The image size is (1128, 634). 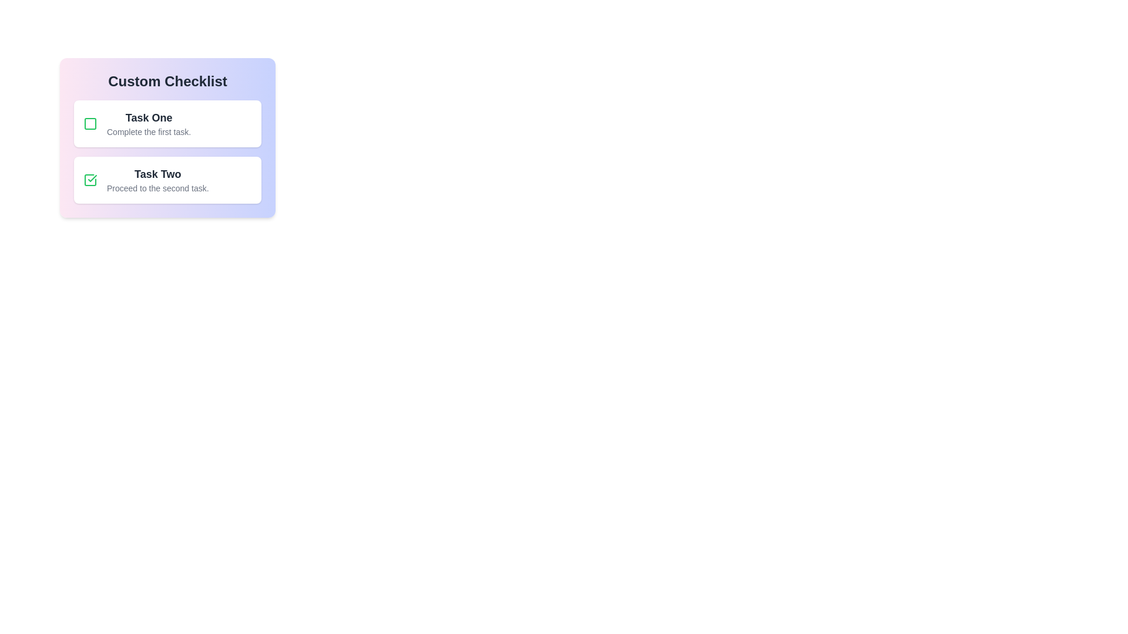 What do you see at coordinates (137, 124) in the screenshot?
I see `displayed text of the list item containing 'Task One' and 'Complete the first task.' located in the upper half of the checklist card` at bounding box center [137, 124].